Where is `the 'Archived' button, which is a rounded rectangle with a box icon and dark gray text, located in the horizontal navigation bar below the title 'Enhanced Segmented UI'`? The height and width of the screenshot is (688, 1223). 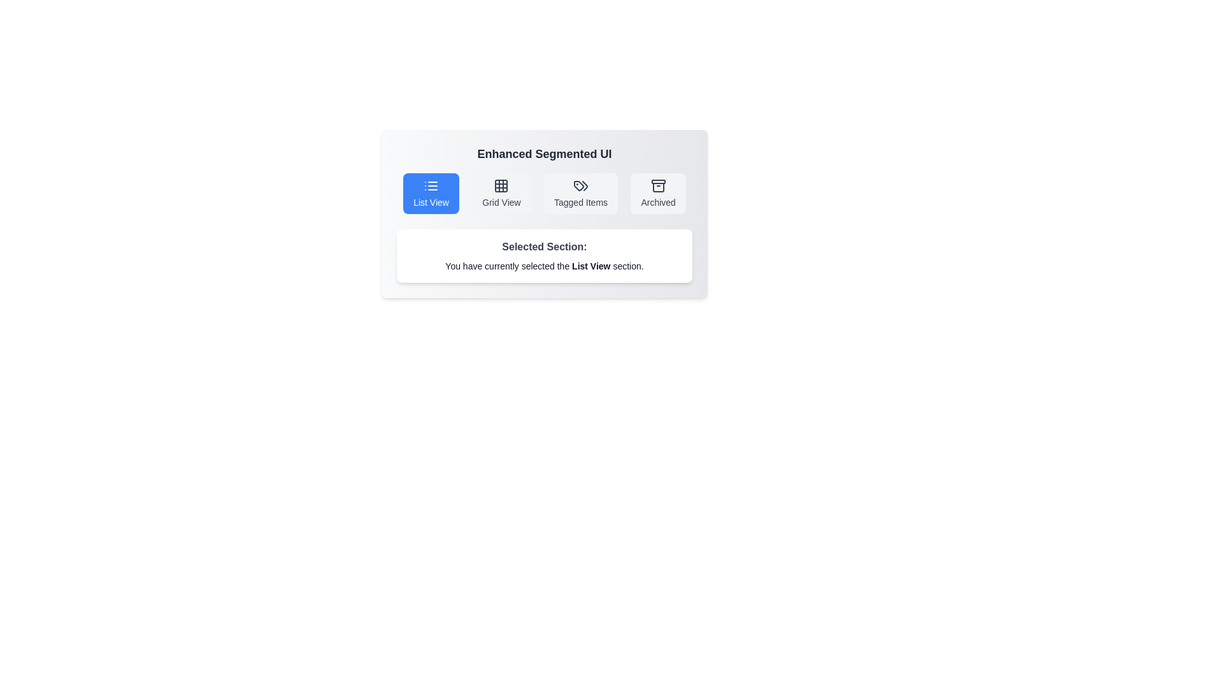
the 'Archived' button, which is a rounded rectangle with a box icon and dark gray text, located in the horizontal navigation bar below the title 'Enhanced Segmented UI' is located at coordinates (658, 194).